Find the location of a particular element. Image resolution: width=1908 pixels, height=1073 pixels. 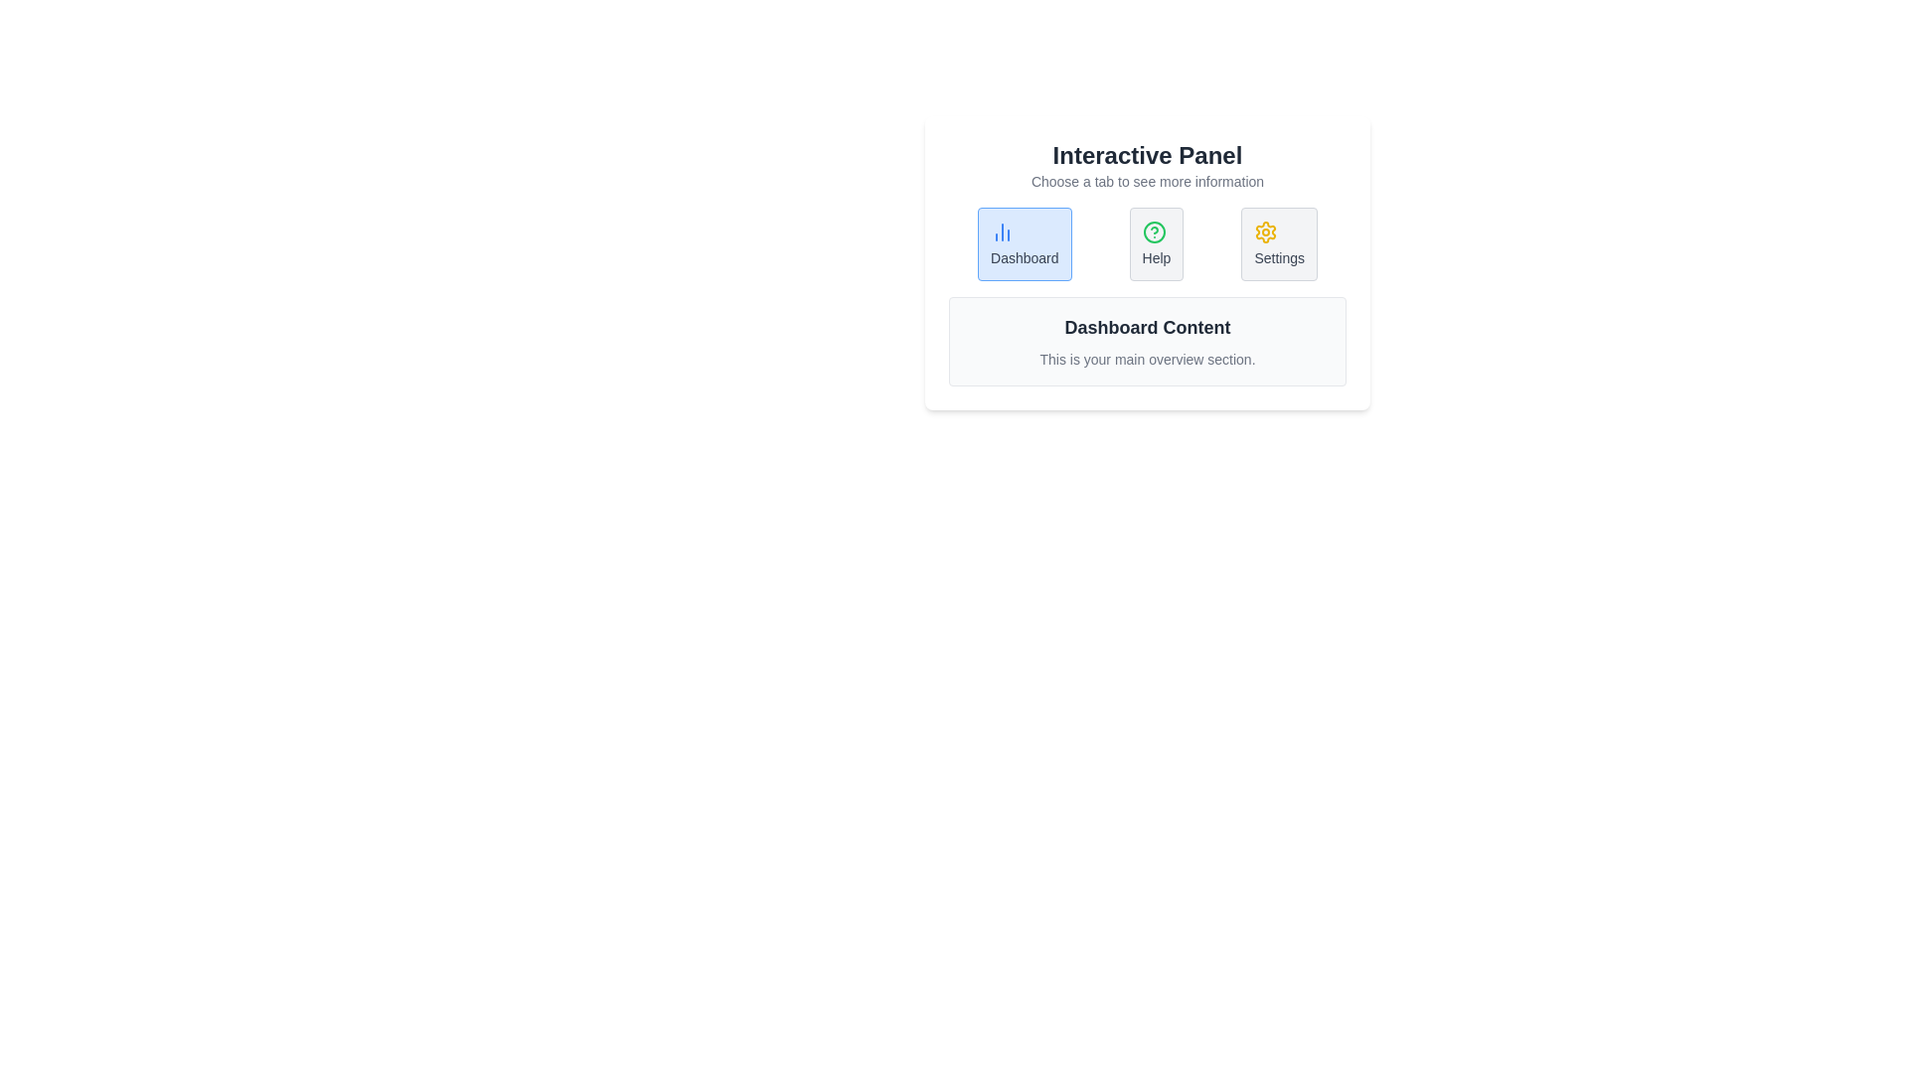

the 'Help' card located in the center of the horizontal row of interactive cards is located at coordinates (1156, 243).